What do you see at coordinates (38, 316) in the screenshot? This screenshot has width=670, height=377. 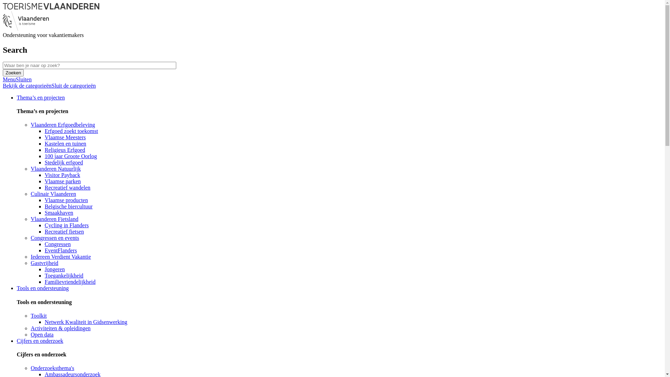 I see `'Toolkit'` at bounding box center [38, 316].